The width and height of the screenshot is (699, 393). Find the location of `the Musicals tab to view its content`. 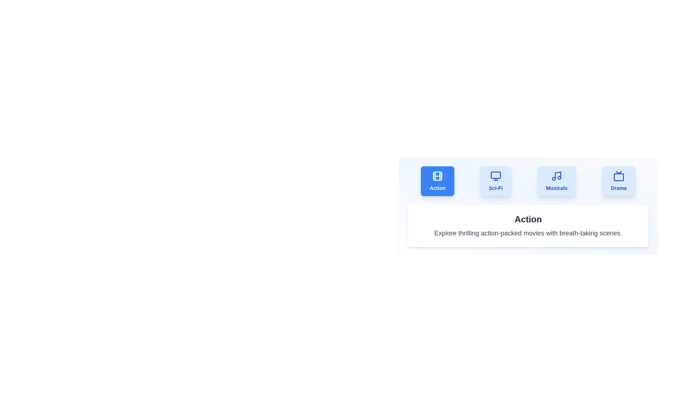

the Musicals tab to view its content is located at coordinates (556, 180).